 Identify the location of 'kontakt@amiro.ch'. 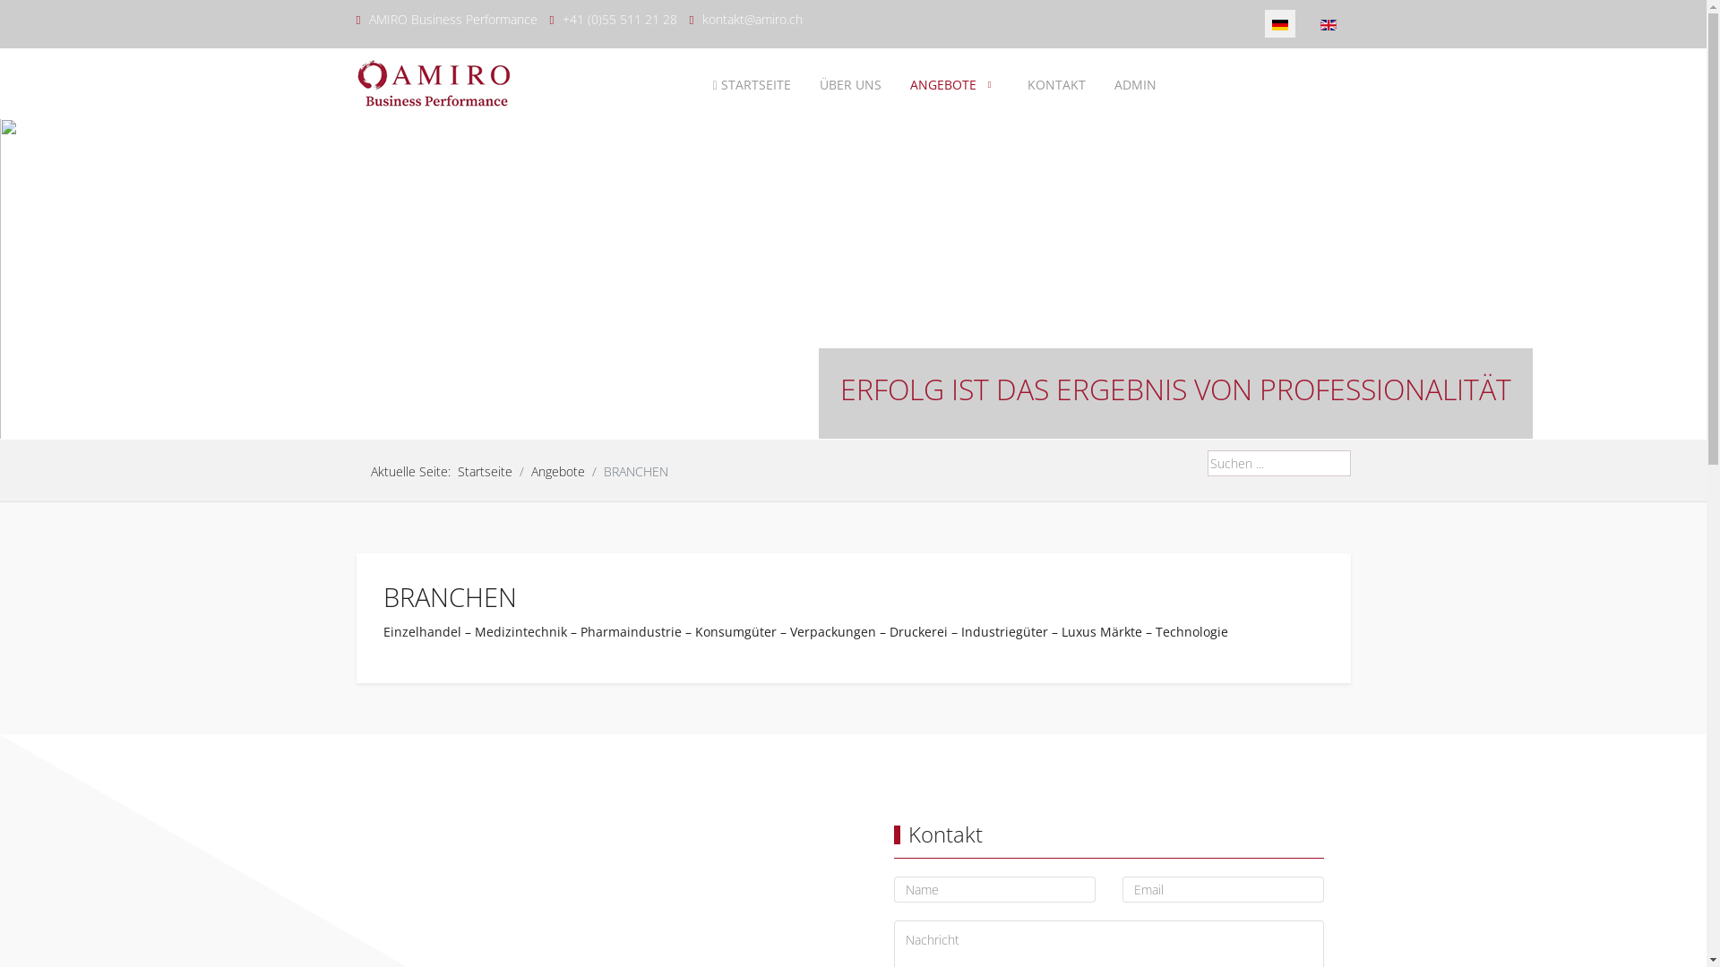
(752, 19).